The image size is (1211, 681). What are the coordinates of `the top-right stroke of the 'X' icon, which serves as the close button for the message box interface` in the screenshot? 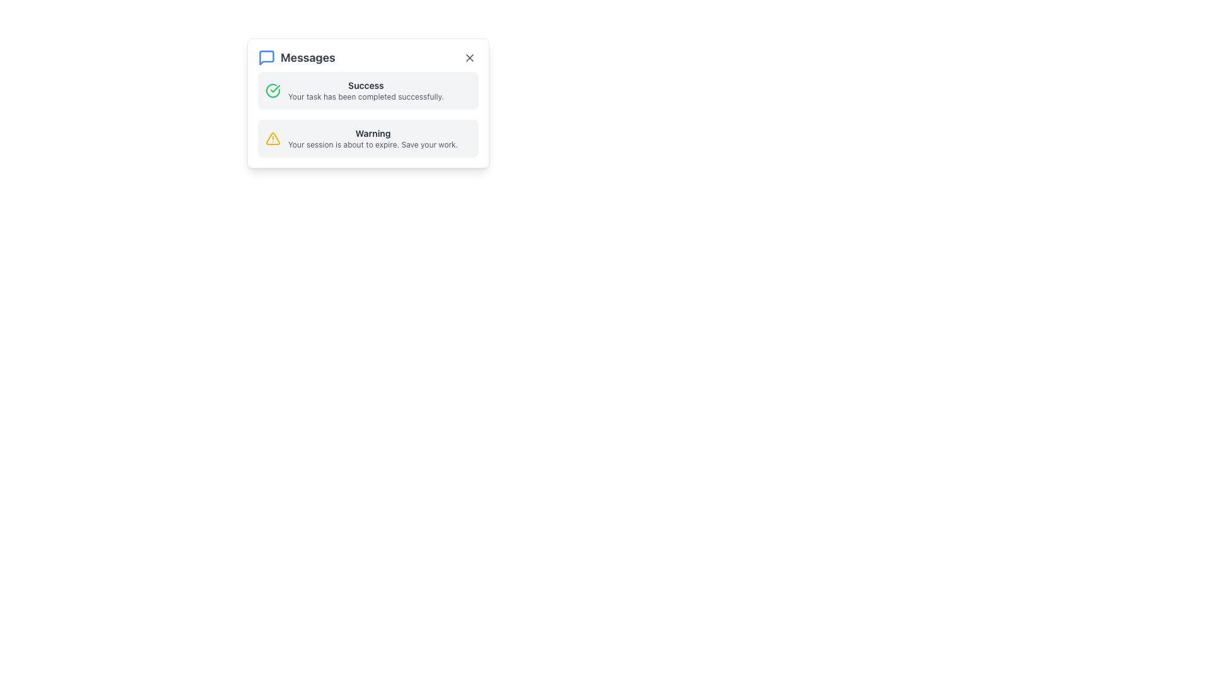 It's located at (469, 58).